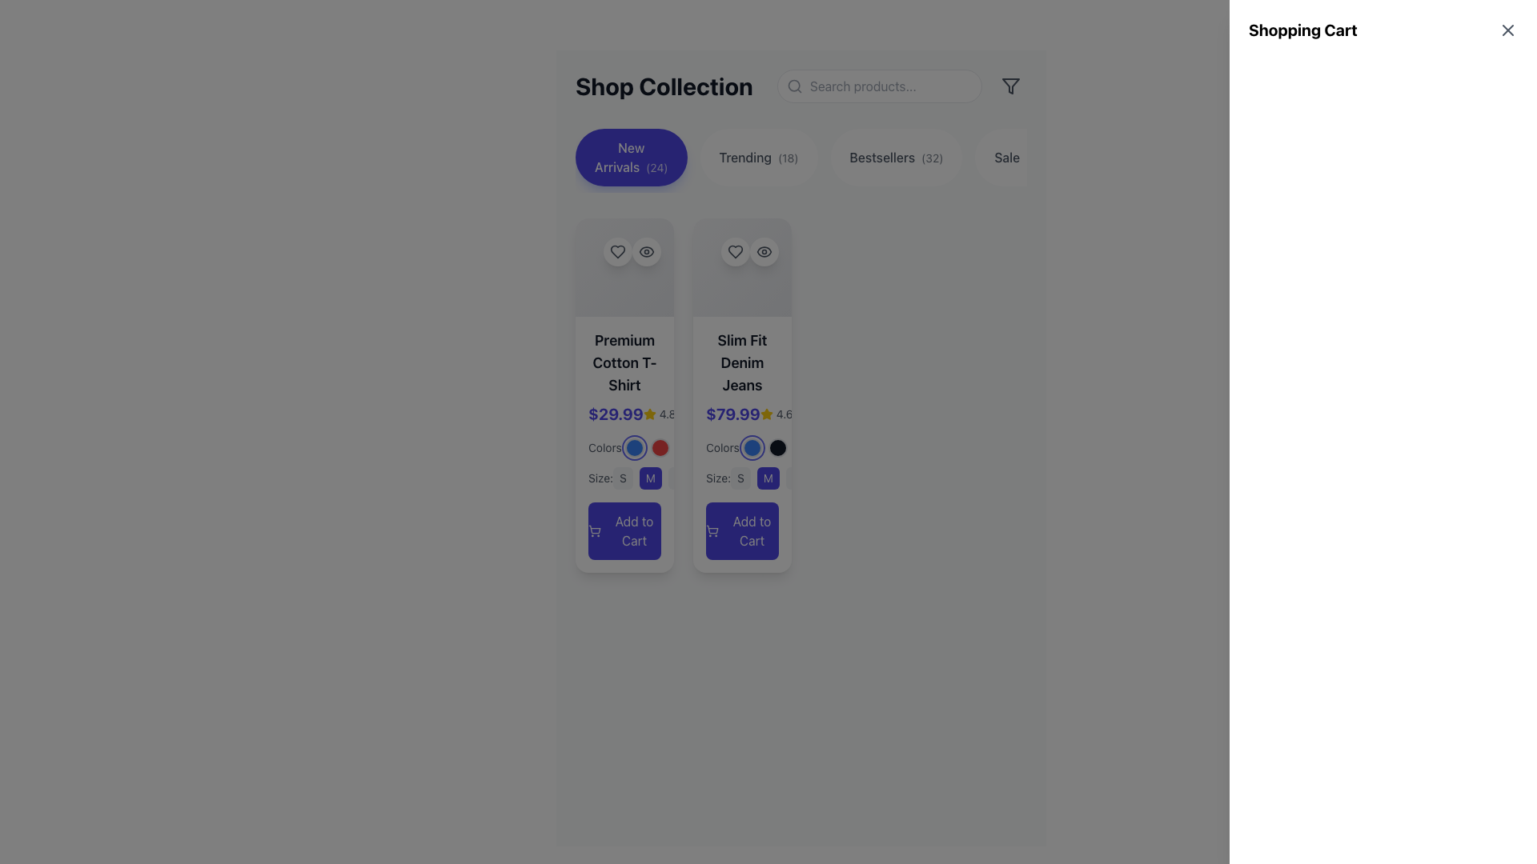 This screenshot has width=1537, height=864. Describe the element at coordinates (660, 447) in the screenshot. I see `the vibrant red circular icon that acts as a color selector, which is the second icon in a row of three, located beneath the 'Premium Cotton T-Shirt' product` at that location.